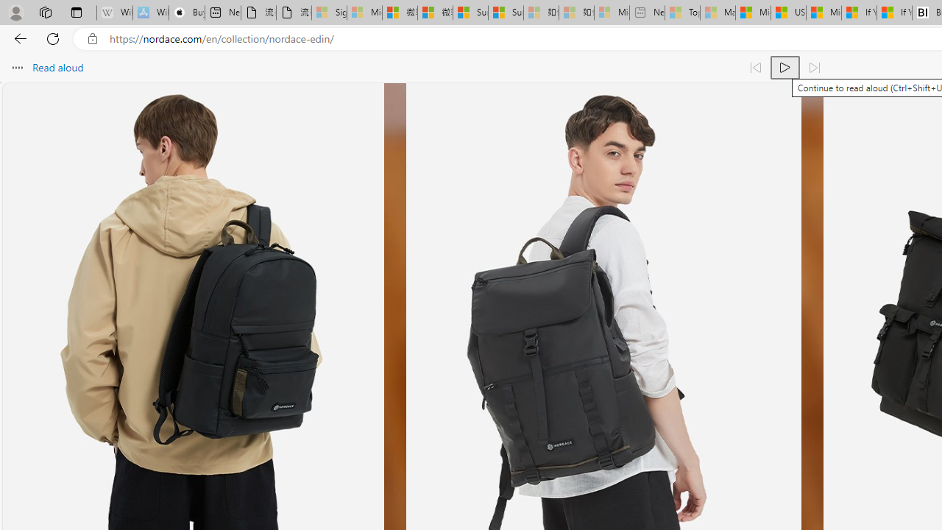  I want to click on 'Buy iPad - Apple', so click(186, 13).